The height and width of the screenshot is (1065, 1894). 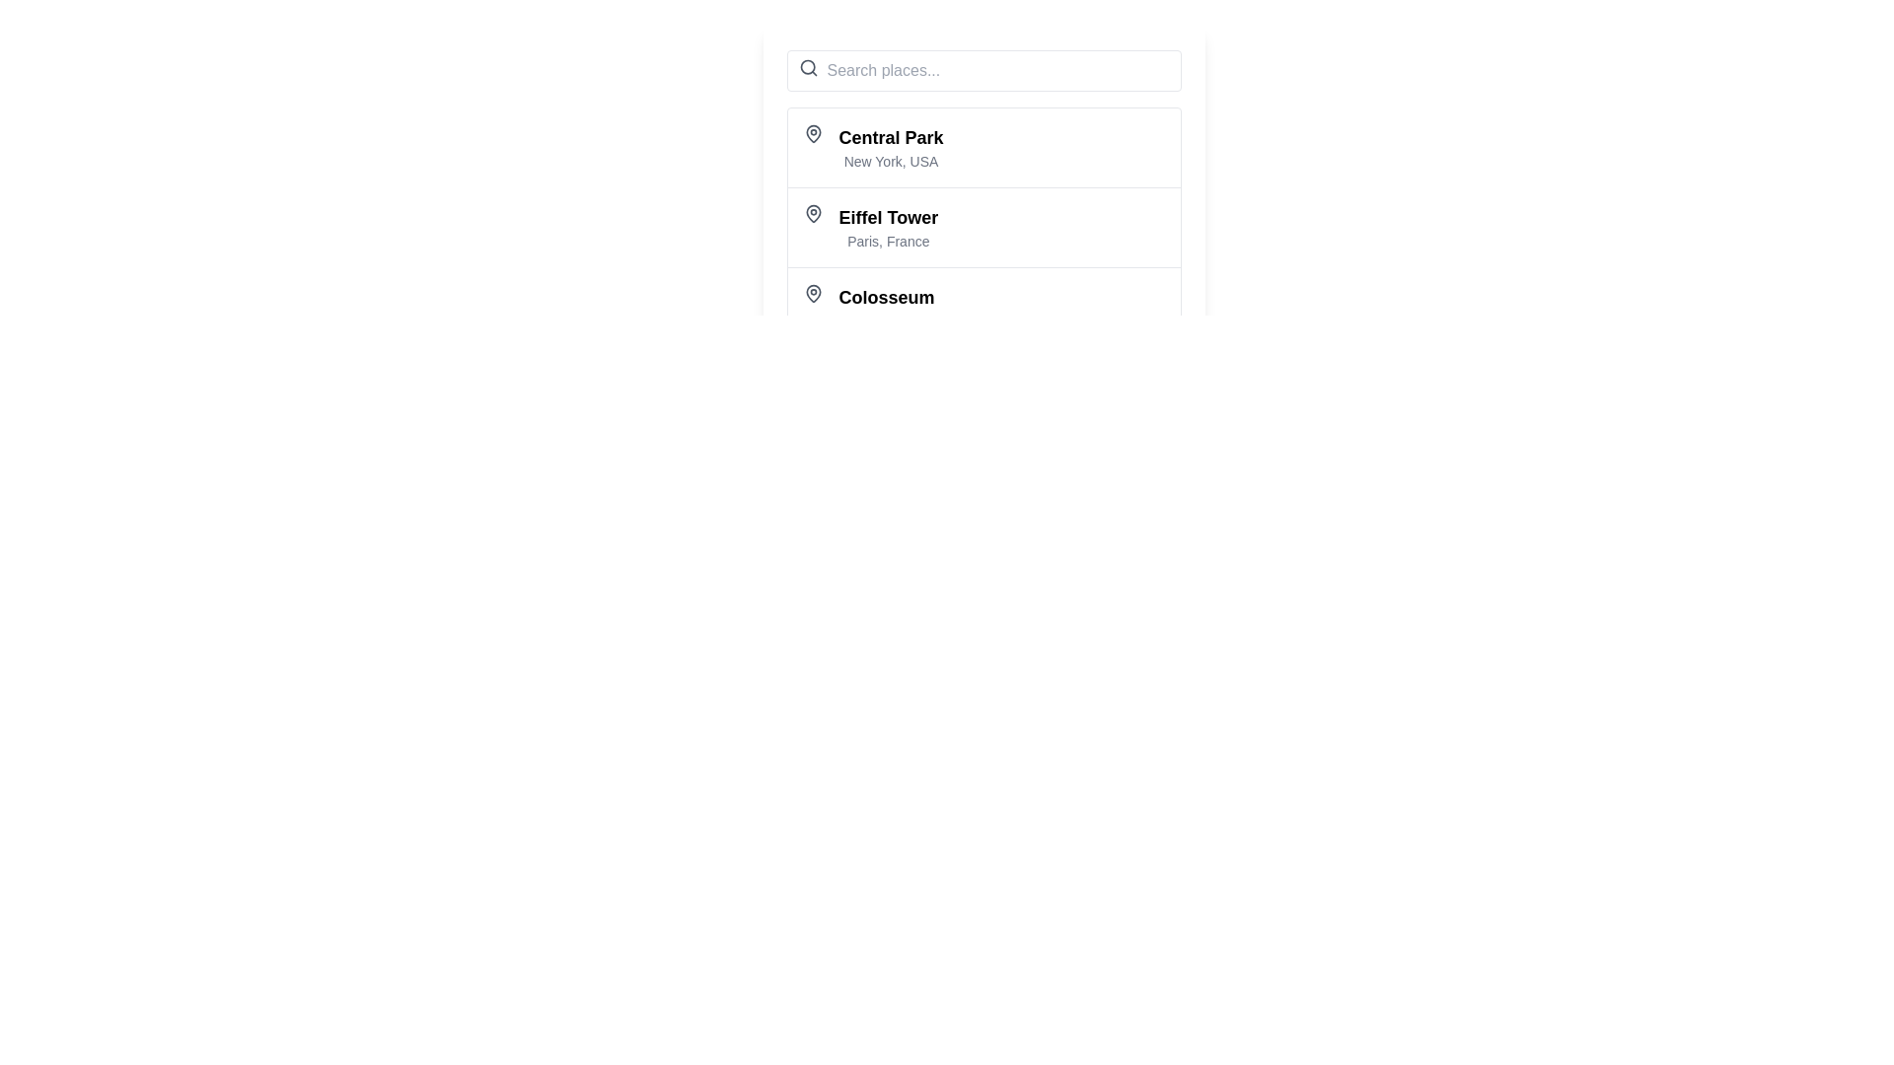 What do you see at coordinates (807, 66) in the screenshot?
I see `the circular outline of the magnifying glass lens in the search icon located to the left of the input field` at bounding box center [807, 66].